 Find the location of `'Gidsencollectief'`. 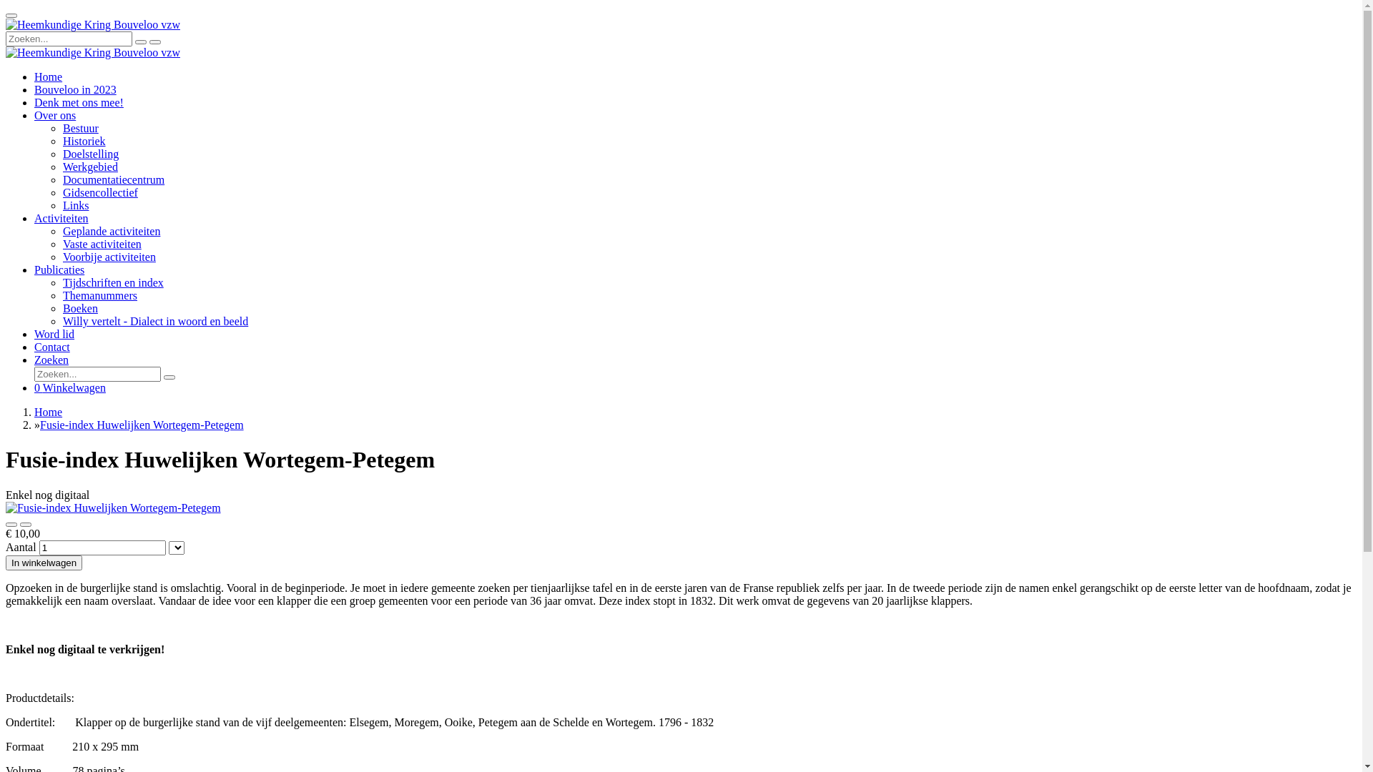

'Gidsencollectief' is located at coordinates (99, 192).